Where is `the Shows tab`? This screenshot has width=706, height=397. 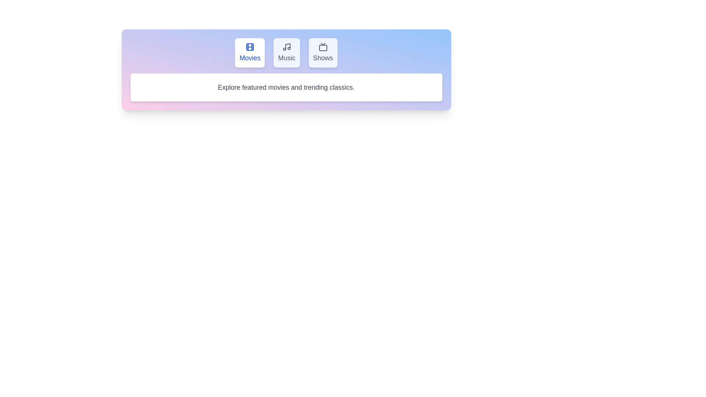 the Shows tab is located at coordinates (323, 52).